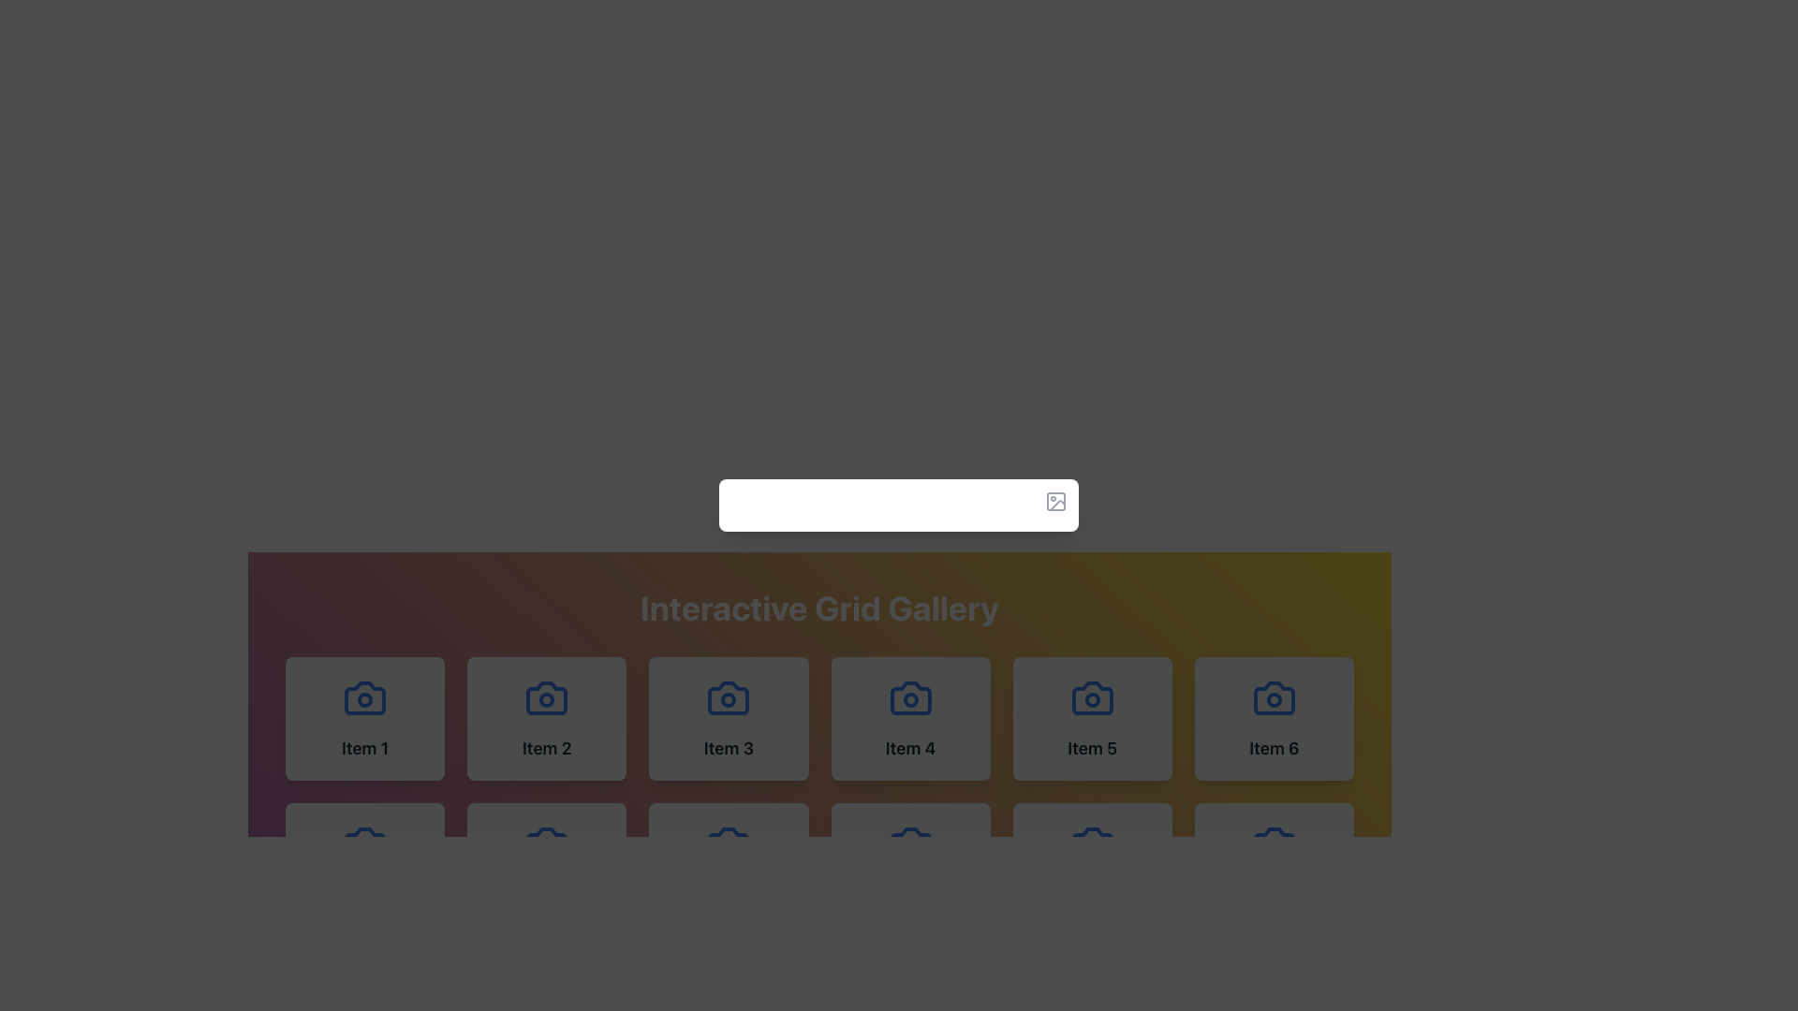  Describe the element at coordinates (546, 717) in the screenshot. I see `the second card in the grid layout that represents 'Item 2'` at that location.